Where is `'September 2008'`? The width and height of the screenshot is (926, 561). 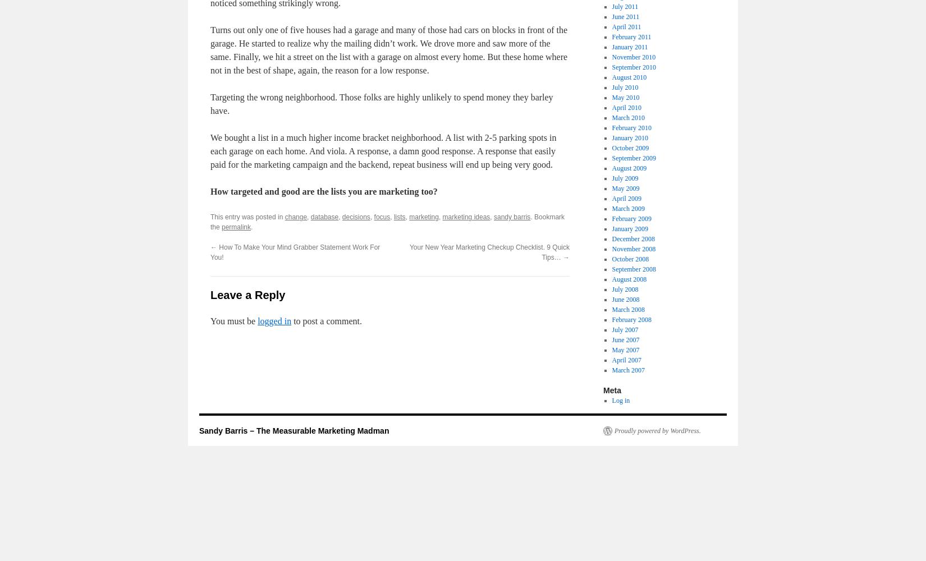
'September 2008' is located at coordinates (633, 269).